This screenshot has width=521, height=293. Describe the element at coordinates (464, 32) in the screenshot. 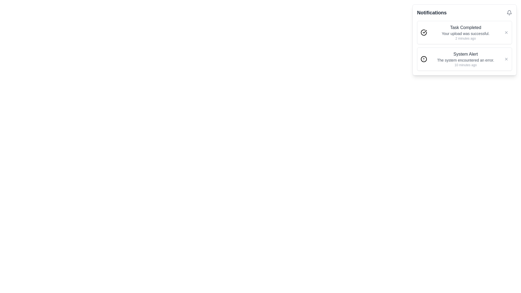

I see `details displayed on the top notification card within the notifications section, which provides feedback on a successfully completed task` at that location.